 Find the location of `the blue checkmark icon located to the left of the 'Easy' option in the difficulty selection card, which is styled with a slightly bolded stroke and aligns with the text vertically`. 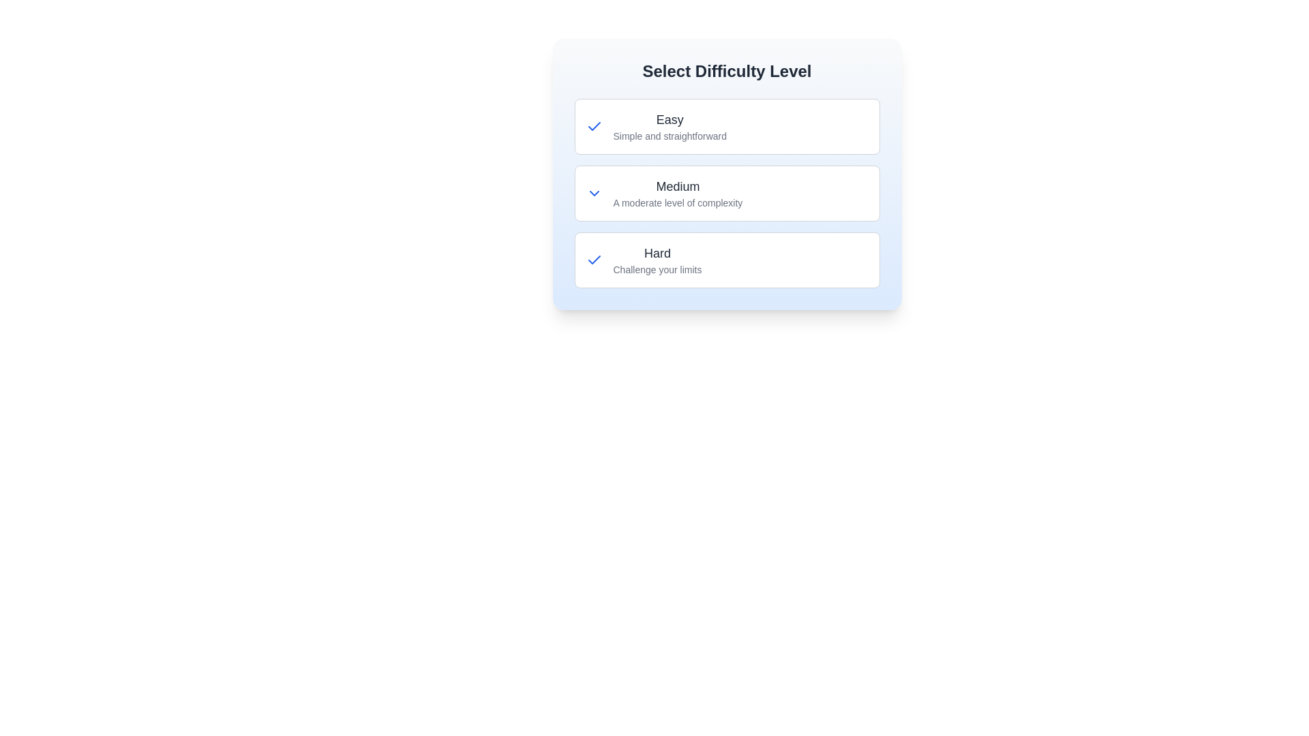

the blue checkmark icon located to the left of the 'Easy' option in the difficulty selection card, which is styled with a slightly bolded stroke and aligns with the text vertically is located at coordinates (594, 126).